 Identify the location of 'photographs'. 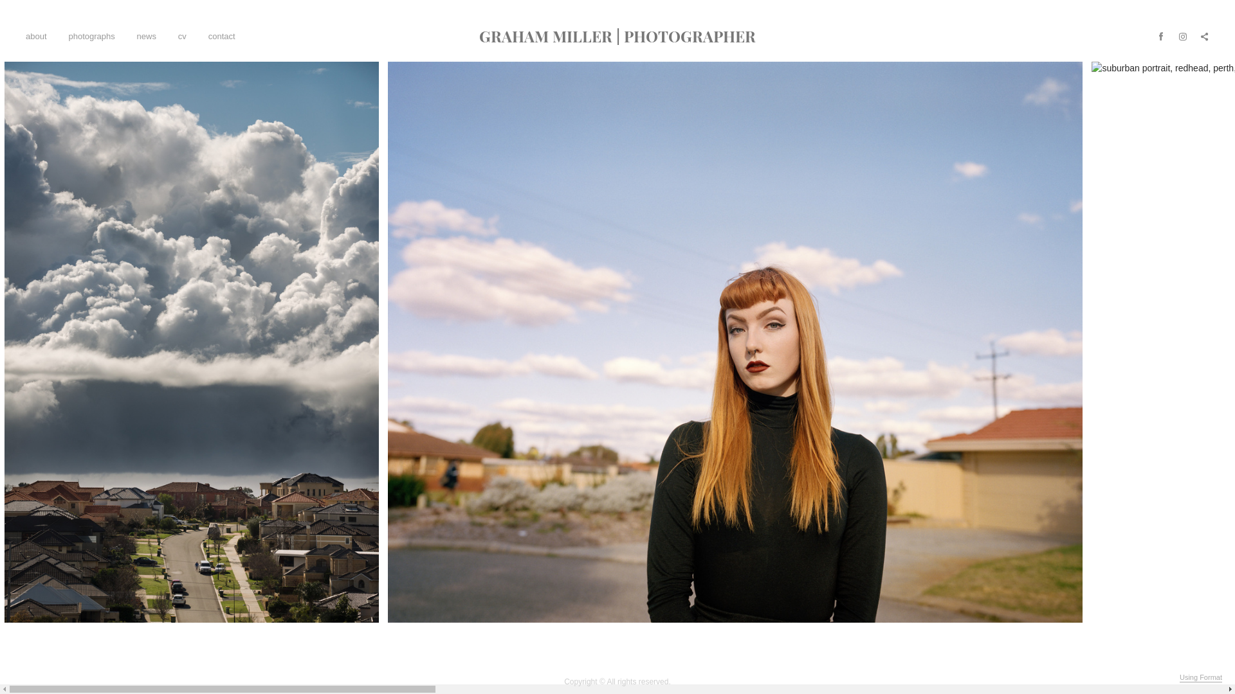
(91, 35).